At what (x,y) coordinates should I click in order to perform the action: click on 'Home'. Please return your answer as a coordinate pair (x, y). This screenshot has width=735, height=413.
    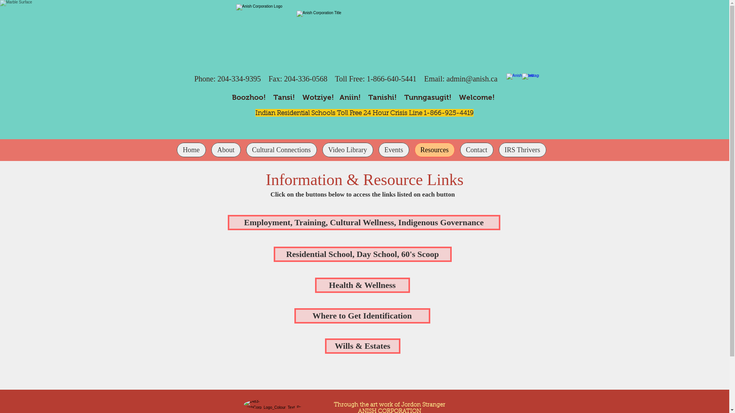
    Looking at the image, I should click on (191, 150).